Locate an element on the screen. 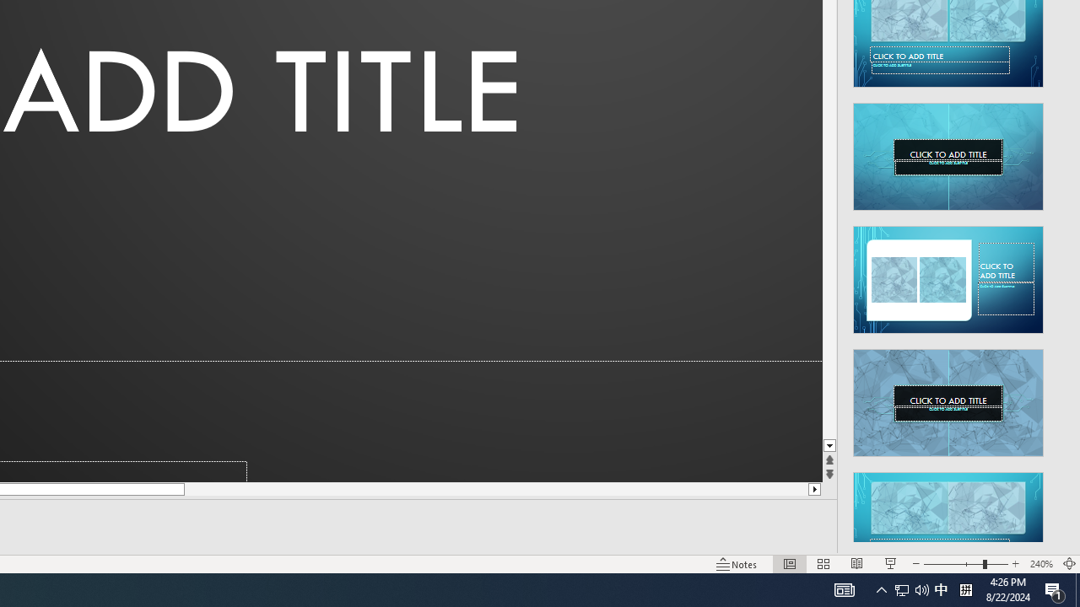 Image resolution: width=1080 pixels, height=607 pixels. 'Notes ' is located at coordinates (737, 564).